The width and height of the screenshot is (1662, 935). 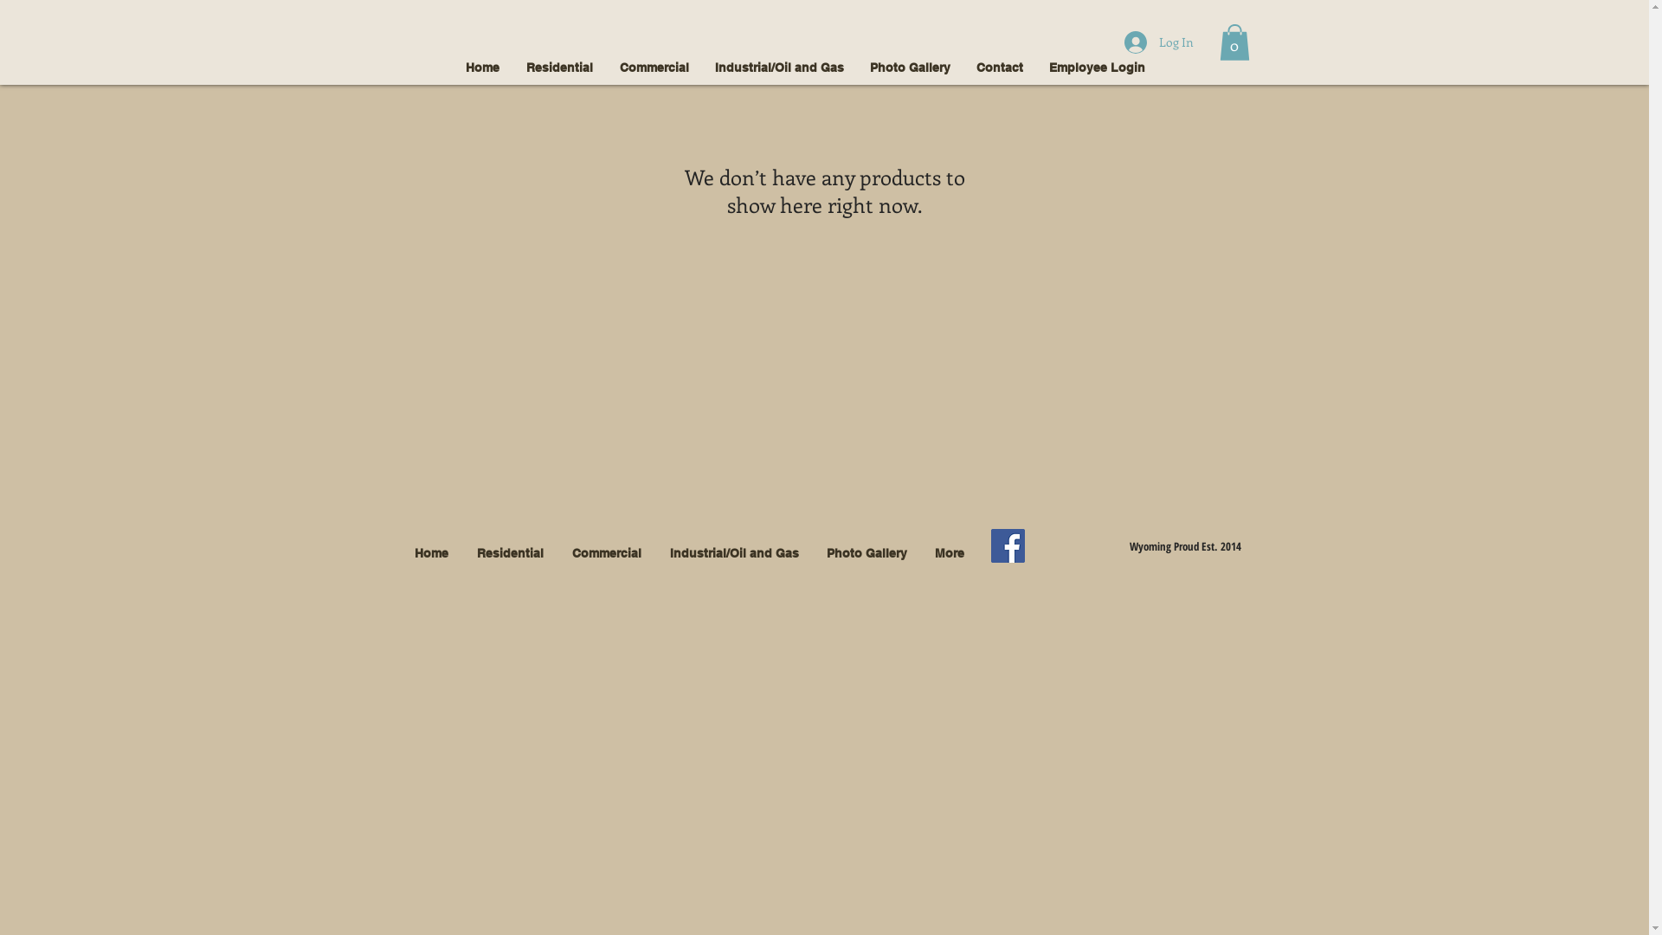 I want to click on 'Residential', so click(x=509, y=553).